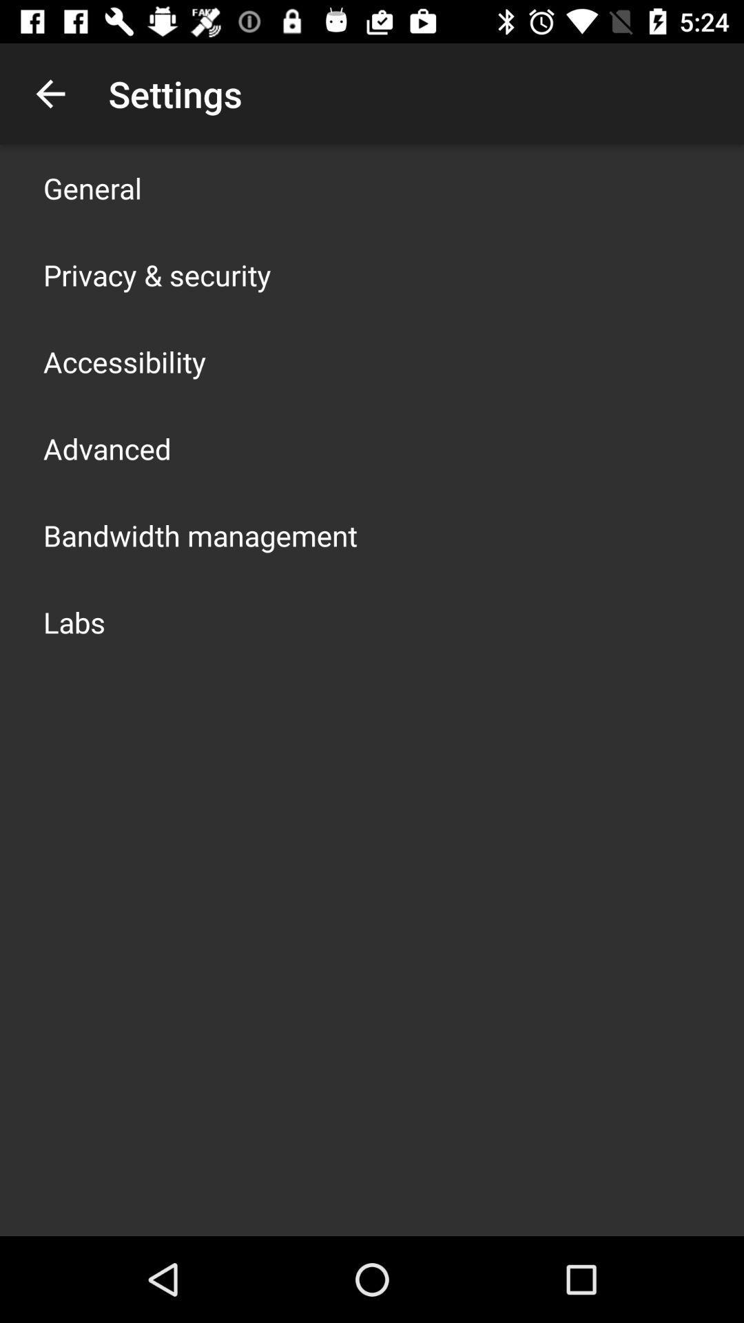 The height and width of the screenshot is (1323, 744). I want to click on general app, so click(92, 187).